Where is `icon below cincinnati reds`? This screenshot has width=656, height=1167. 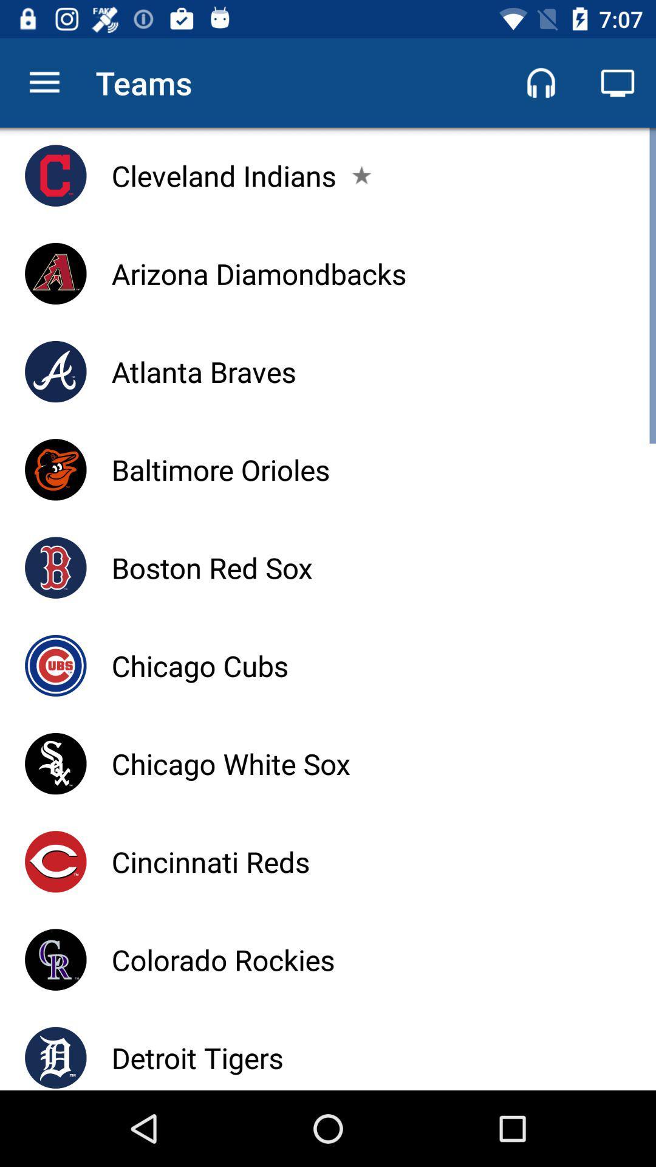 icon below cincinnati reds is located at coordinates (223, 959).